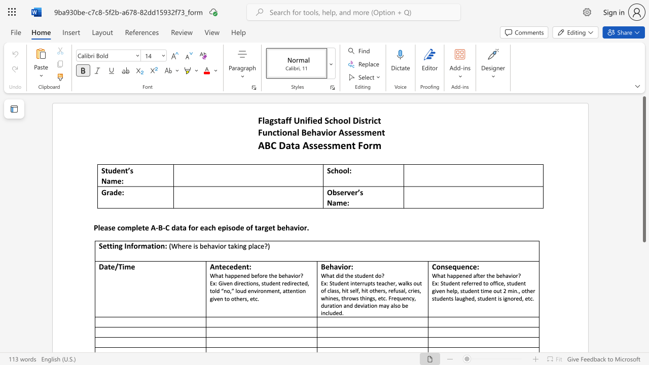  I want to click on the subset text "s N" within the text "Student’s Name:", so click(129, 170).